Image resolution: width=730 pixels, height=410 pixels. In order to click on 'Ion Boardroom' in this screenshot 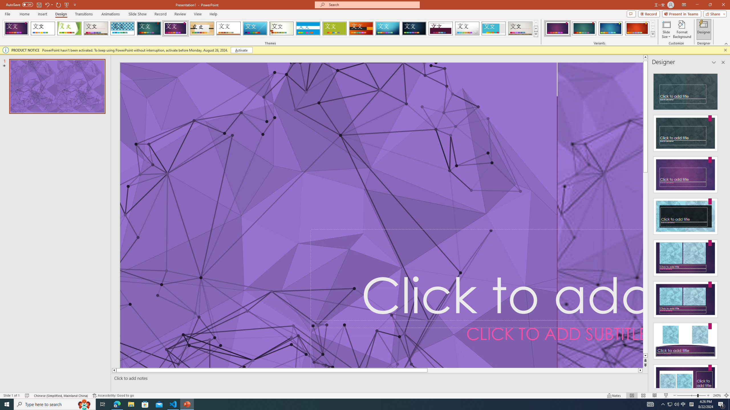, I will do `click(175, 28)`.